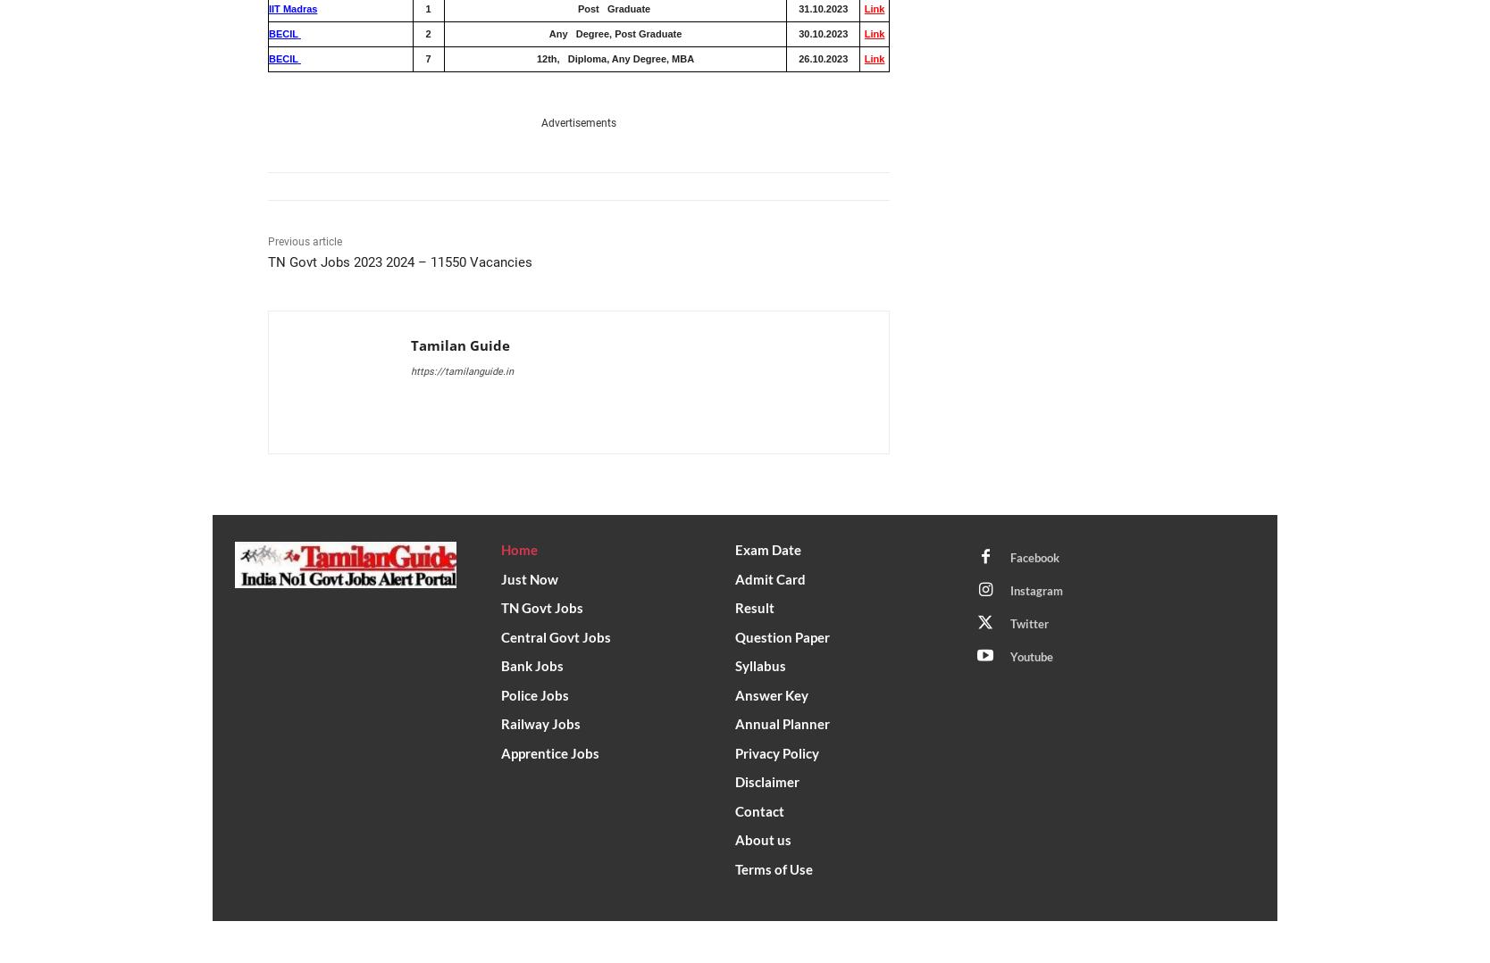 The height and width of the screenshot is (963, 1490). I want to click on 'Question Paper', so click(783, 635).